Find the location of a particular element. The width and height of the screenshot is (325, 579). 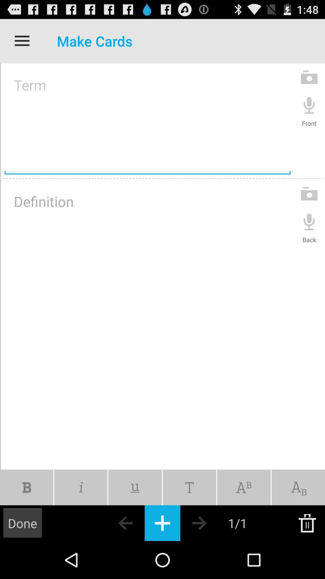

input term is located at coordinates (147, 120).